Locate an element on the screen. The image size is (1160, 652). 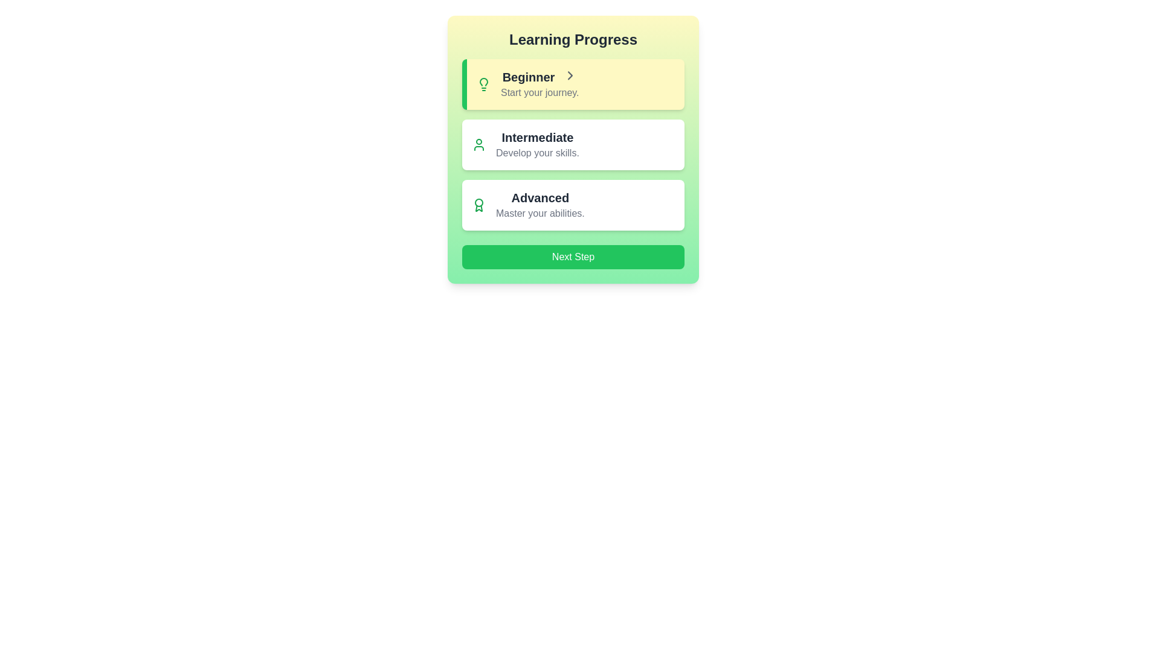
the 'Beginner' text label, which serves as the introductory title for the learning level, located at the top of the learning levels section is located at coordinates (539, 77).